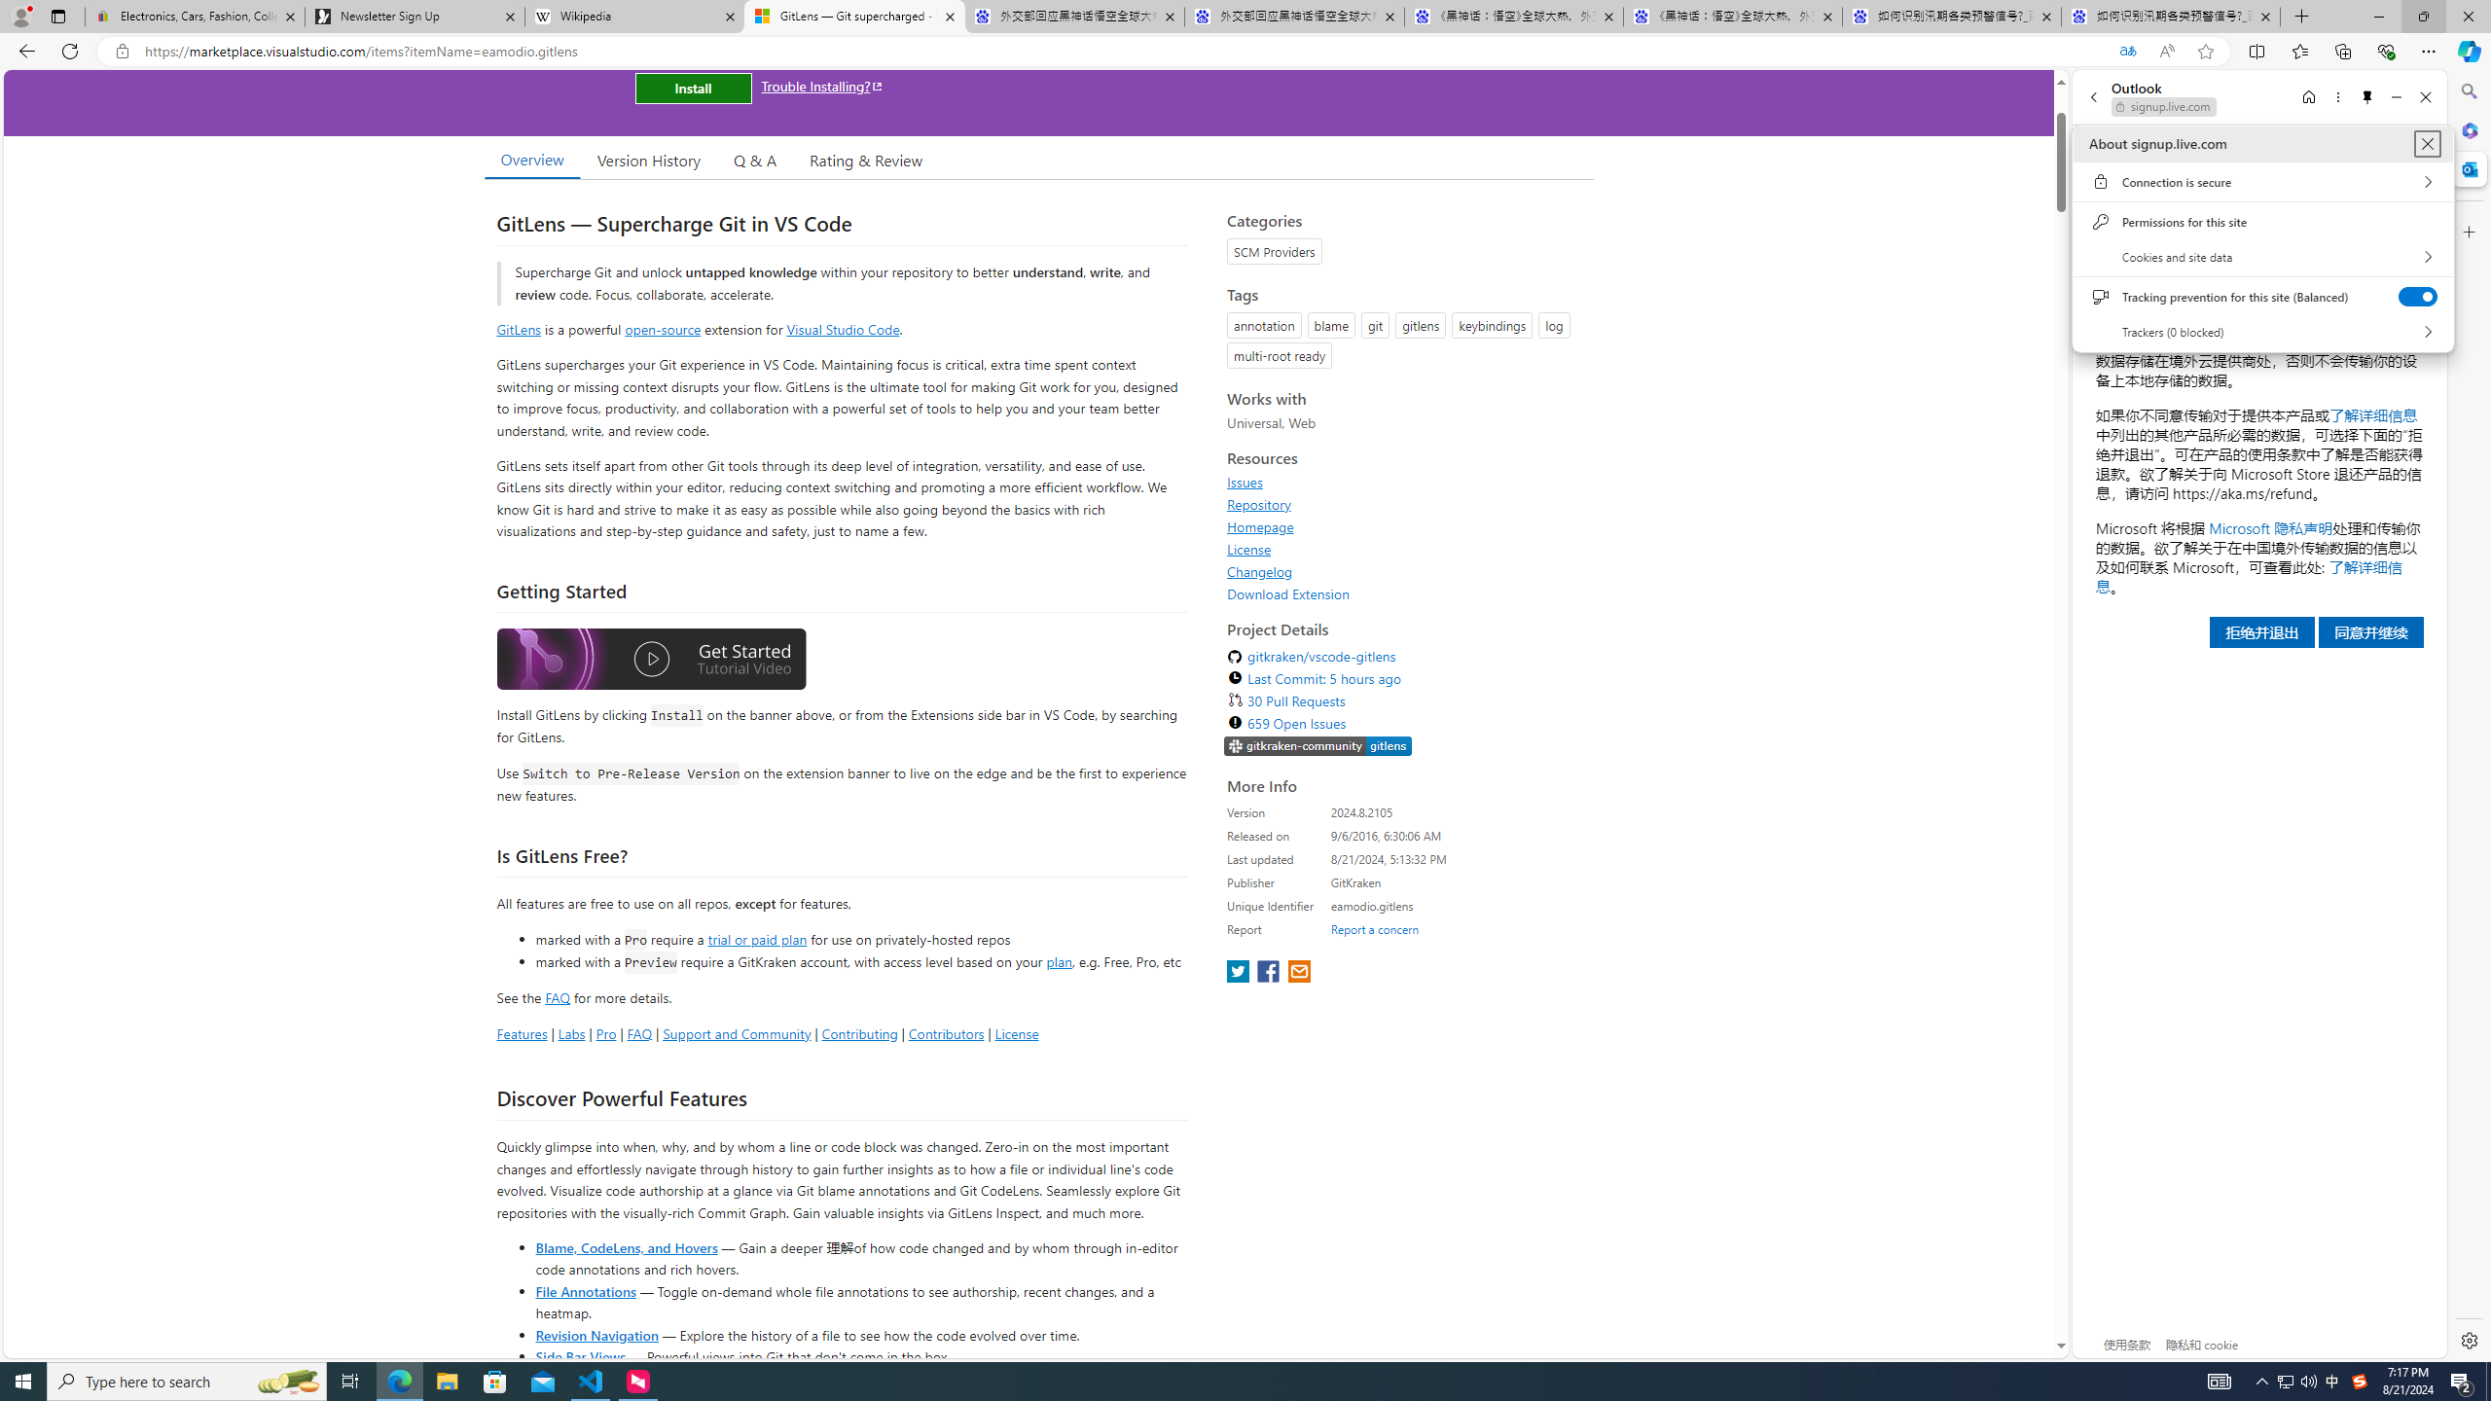 The image size is (2491, 1401). What do you see at coordinates (2218, 1380) in the screenshot?
I see `'AutomationID: 4105'` at bounding box center [2218, 1380].